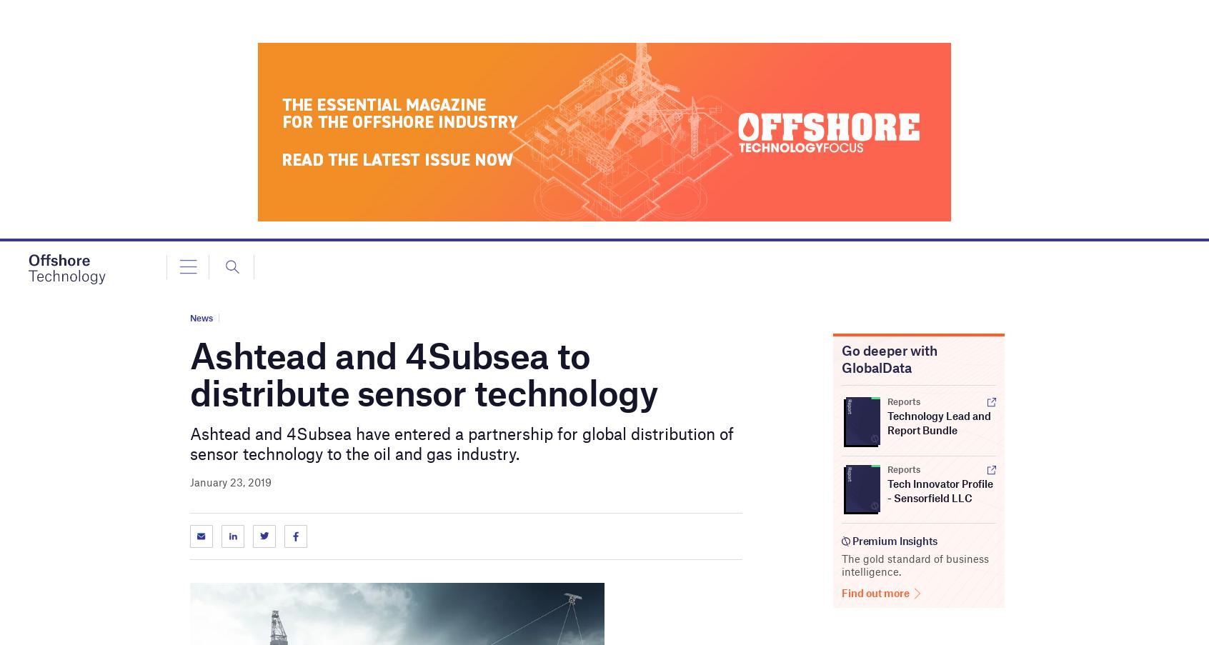 This screenshot has width=1209, height=645. I want to click on 'Exxon Mobil to sell stake in Italian LNG terminal to BlackRock', so click(230, 87).